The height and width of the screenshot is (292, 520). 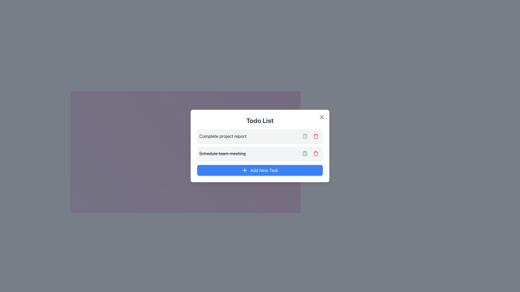 I want to click on the static text displaying the title of a task in the first row of the task list within the 'Todo List' modal dialog, so click(x=223, y=136).